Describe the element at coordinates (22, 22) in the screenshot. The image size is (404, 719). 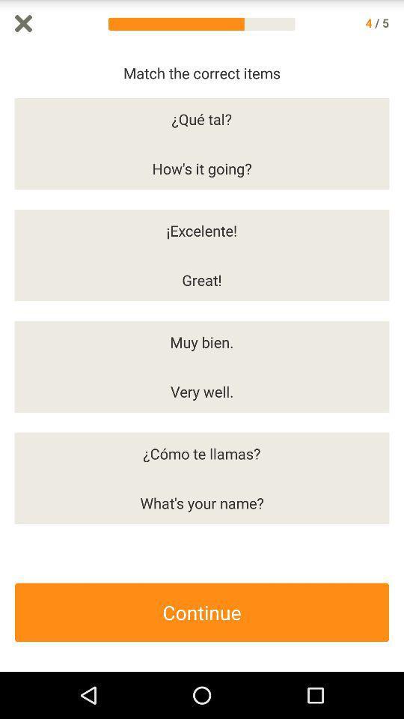
I see `the window used` at that location.